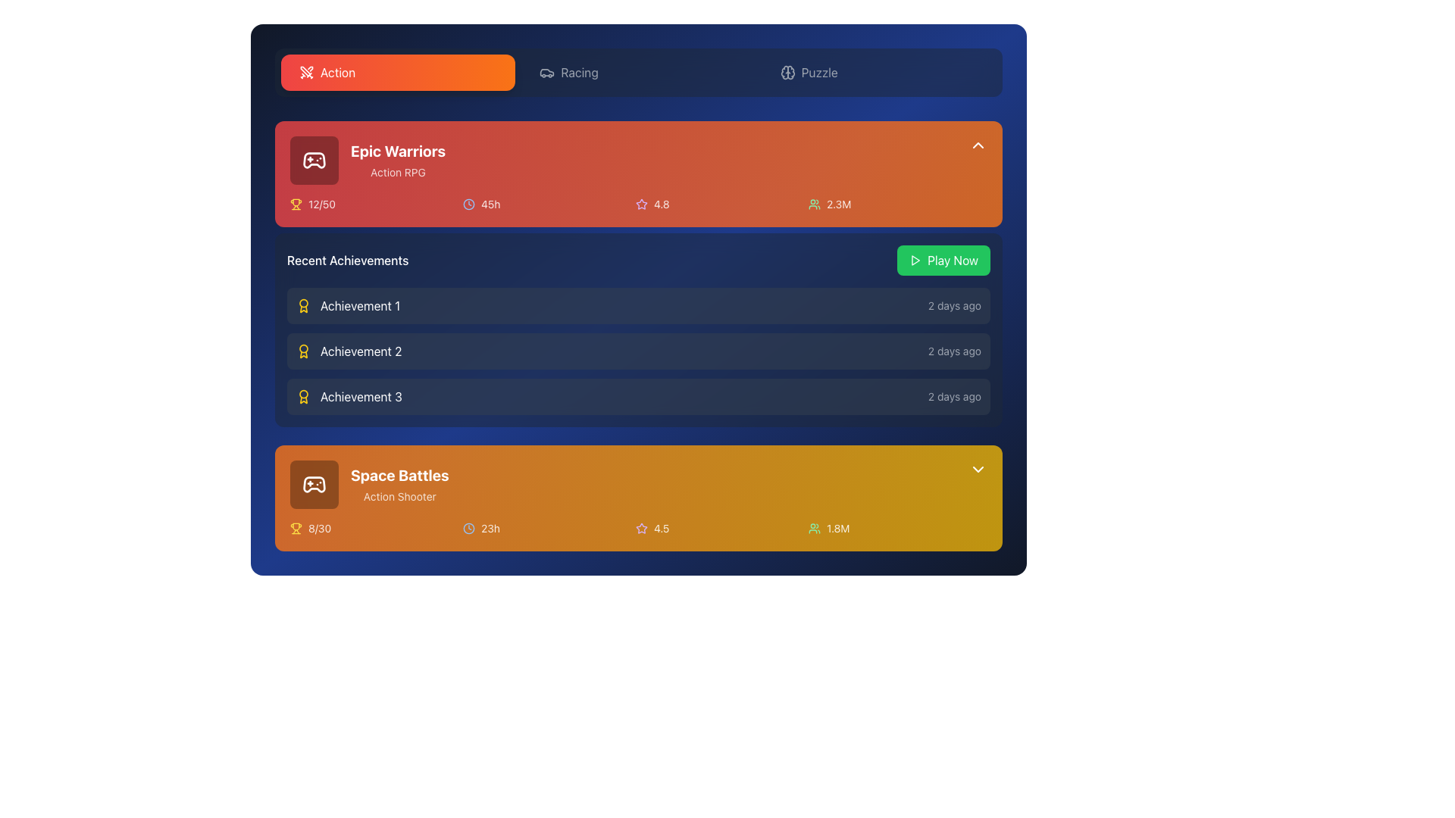 The width and height of the screenshot is (1455, 818). Describe the element at coordinates (978, 469) in the screenshot. I see `the downward pointing chevron icon, which is white and located at the top-right corner of a golden orange section` at that location.